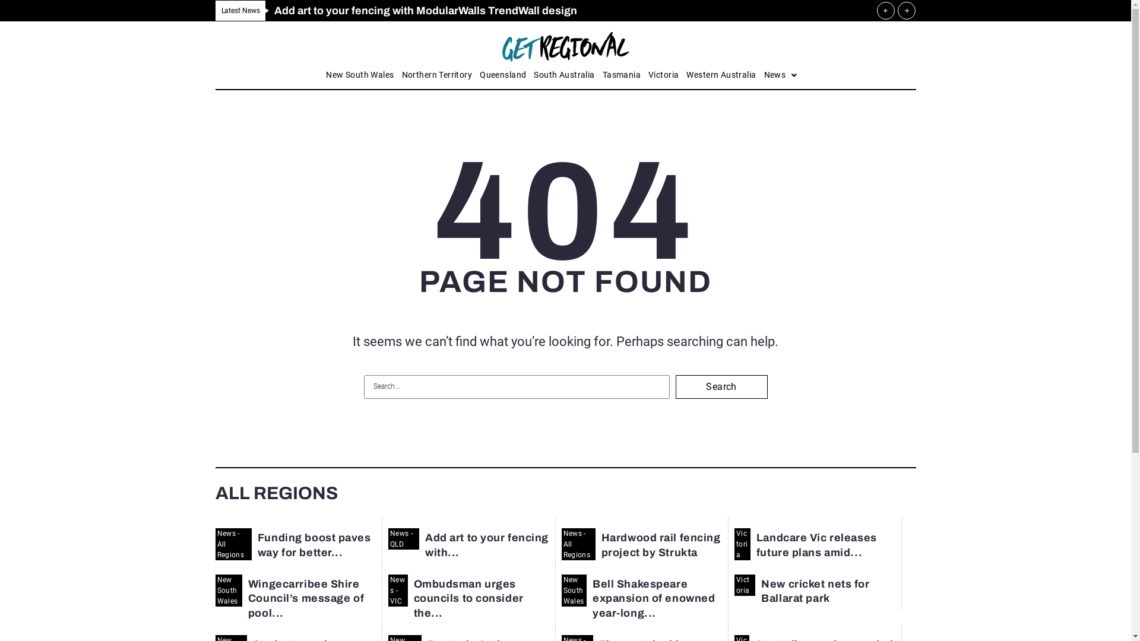 The height and width of the screenshot is (641, 1140). What do you see at coordinates (314, 545) in the screenshot?
I see `'Funding boost paves way for better...'` at bounding box center [314, 545].